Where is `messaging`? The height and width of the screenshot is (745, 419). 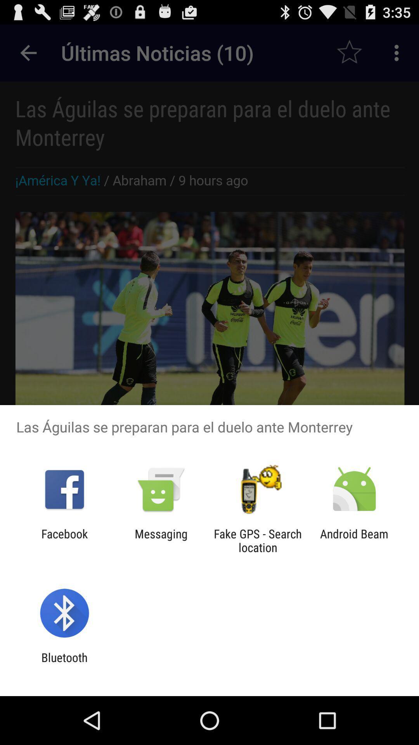 messaging is located at coordinates (161, 540).